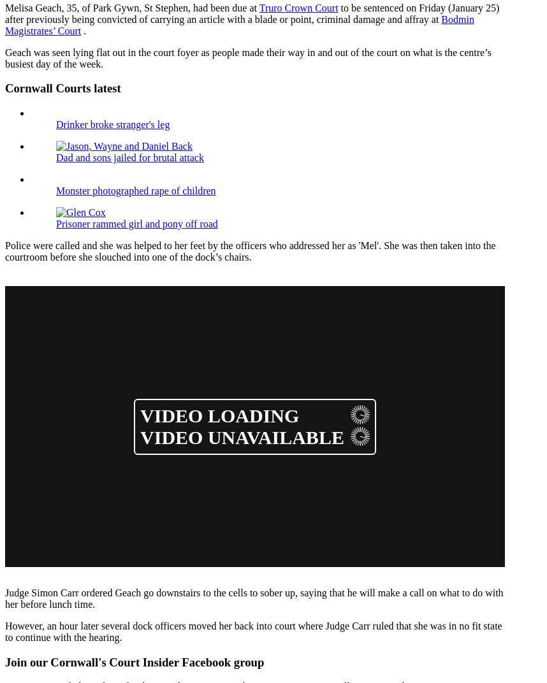 The width and height of the screenshot is (547, 683). Describe the element at coordinates (136, 224) in the screenshot. I see `'Prisoner rammed girl and pony off road'` at that location.